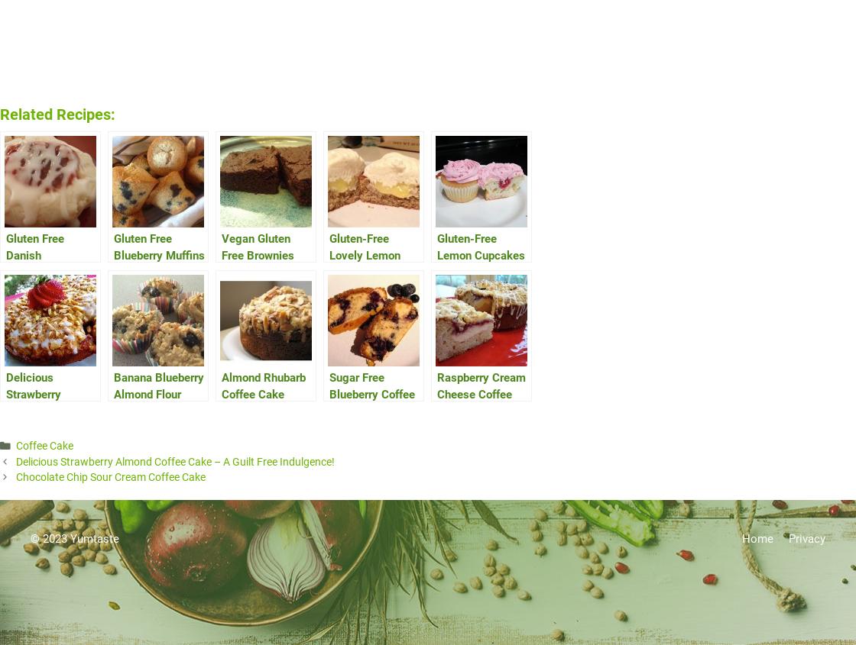  What do you see at coordinates (159, 247) in the screenshot?
I see `'Gluten Free Blueberry Muffins'` at bounding box center [159, 247].